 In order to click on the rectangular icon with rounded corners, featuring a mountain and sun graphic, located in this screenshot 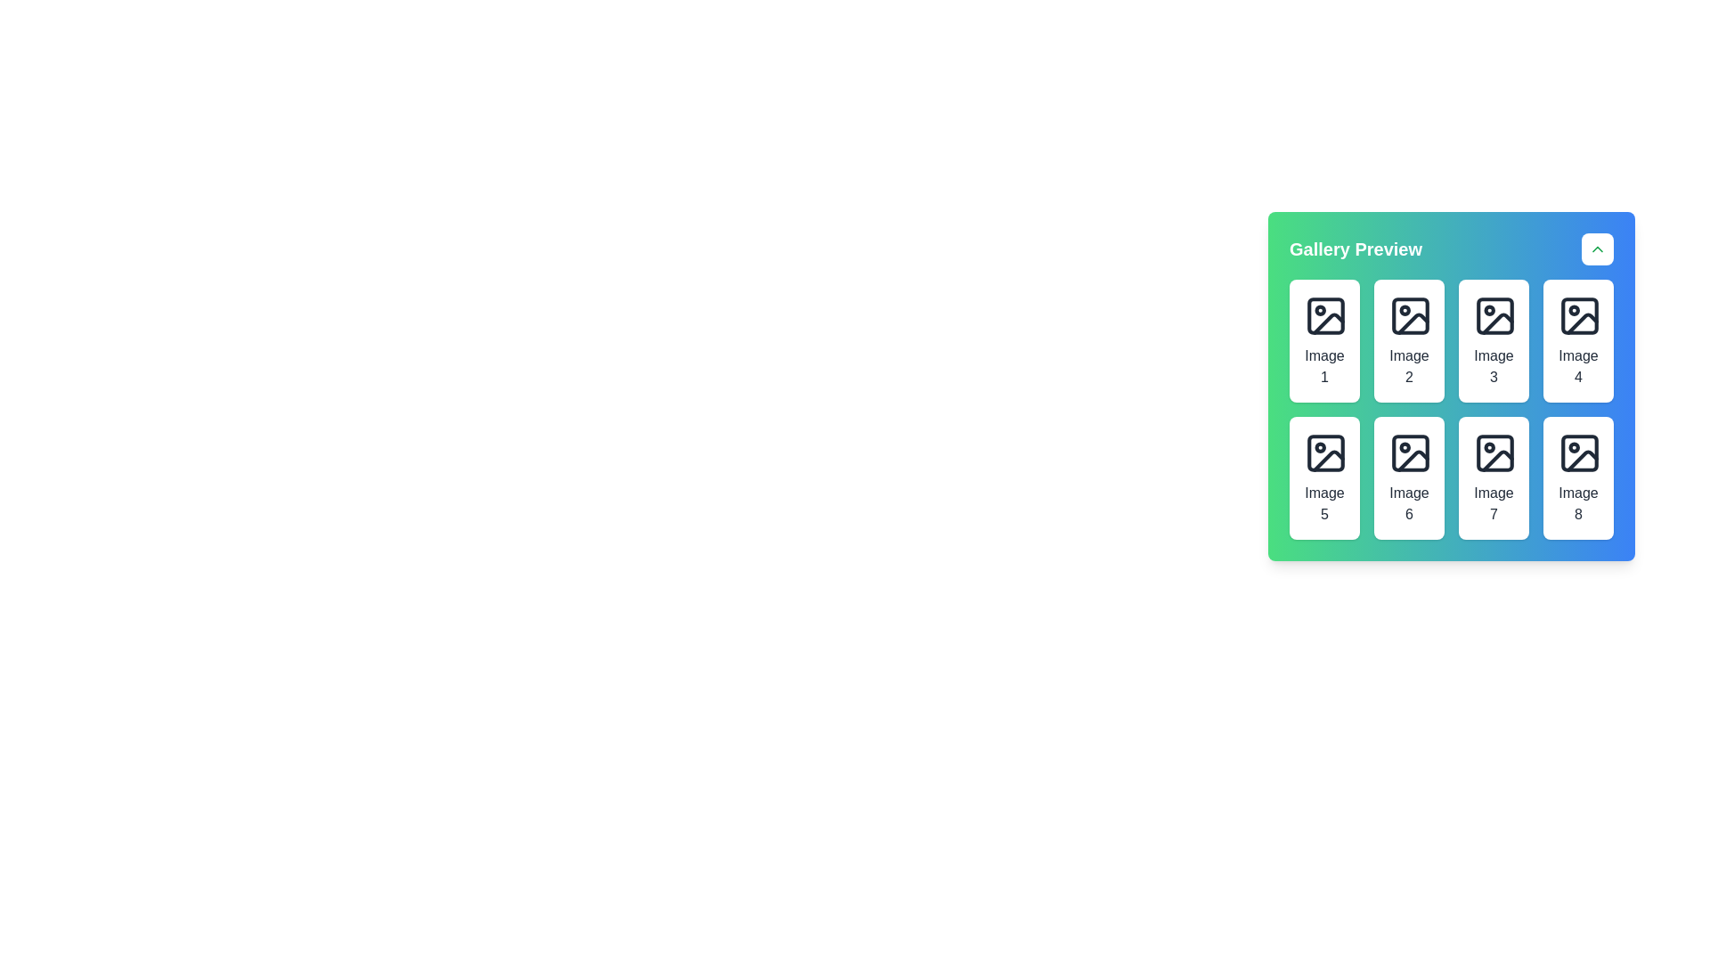, I will do `click(1495, 452)`.